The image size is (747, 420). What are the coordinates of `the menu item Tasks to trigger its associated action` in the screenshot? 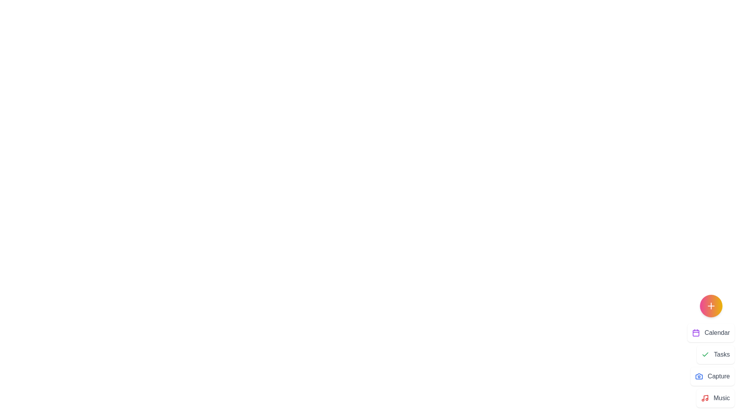 It's located at (715, 354).